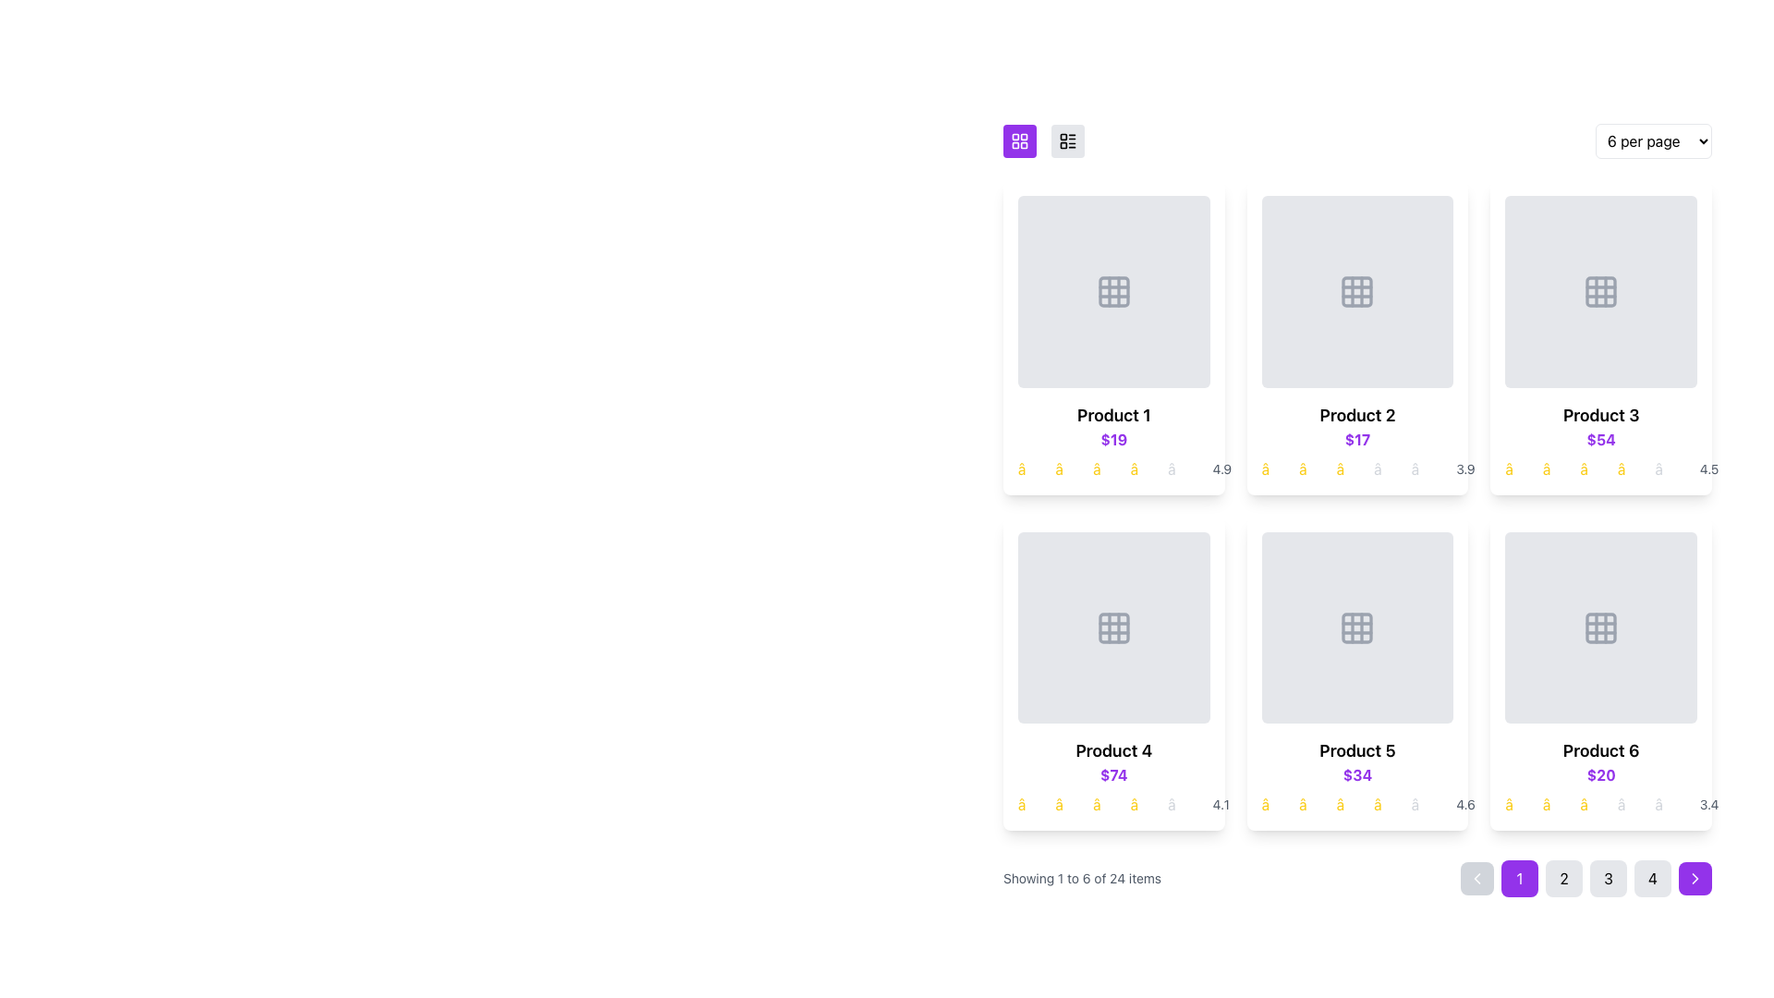  Describe the element at coordinates (1068, 140) in the screenshot. I see `the toggle button to switch the display format from grid to list view, which is the second button in the group located to the right of the violet grid-view button` at that location.